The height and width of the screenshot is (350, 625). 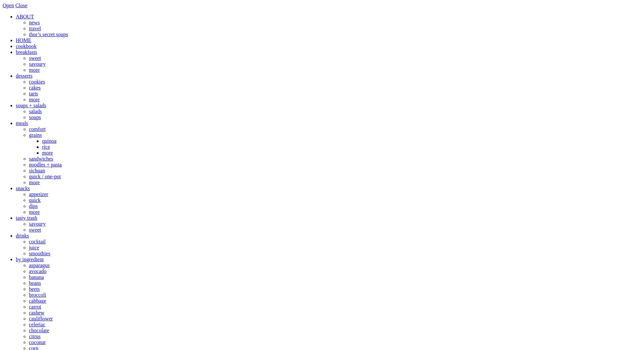 What do you see at coordinates (41, 159) in the screenshot?
I see `'sandwiches'` at bounding box center [41, 159].